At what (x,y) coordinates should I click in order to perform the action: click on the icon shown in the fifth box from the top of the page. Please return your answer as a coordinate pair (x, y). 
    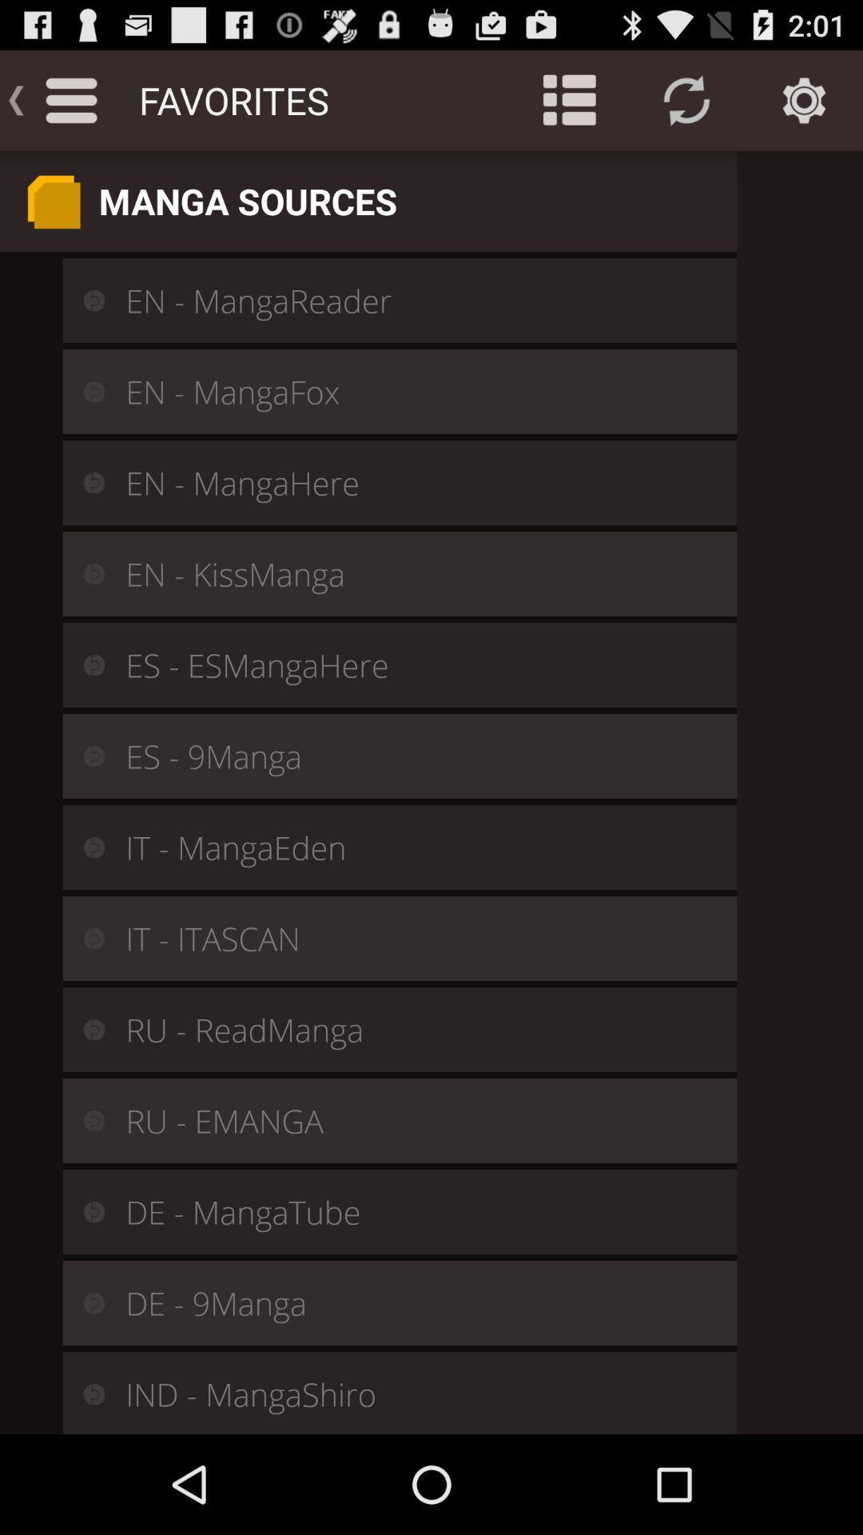
    Looking at the image, I should click on (83, 664).